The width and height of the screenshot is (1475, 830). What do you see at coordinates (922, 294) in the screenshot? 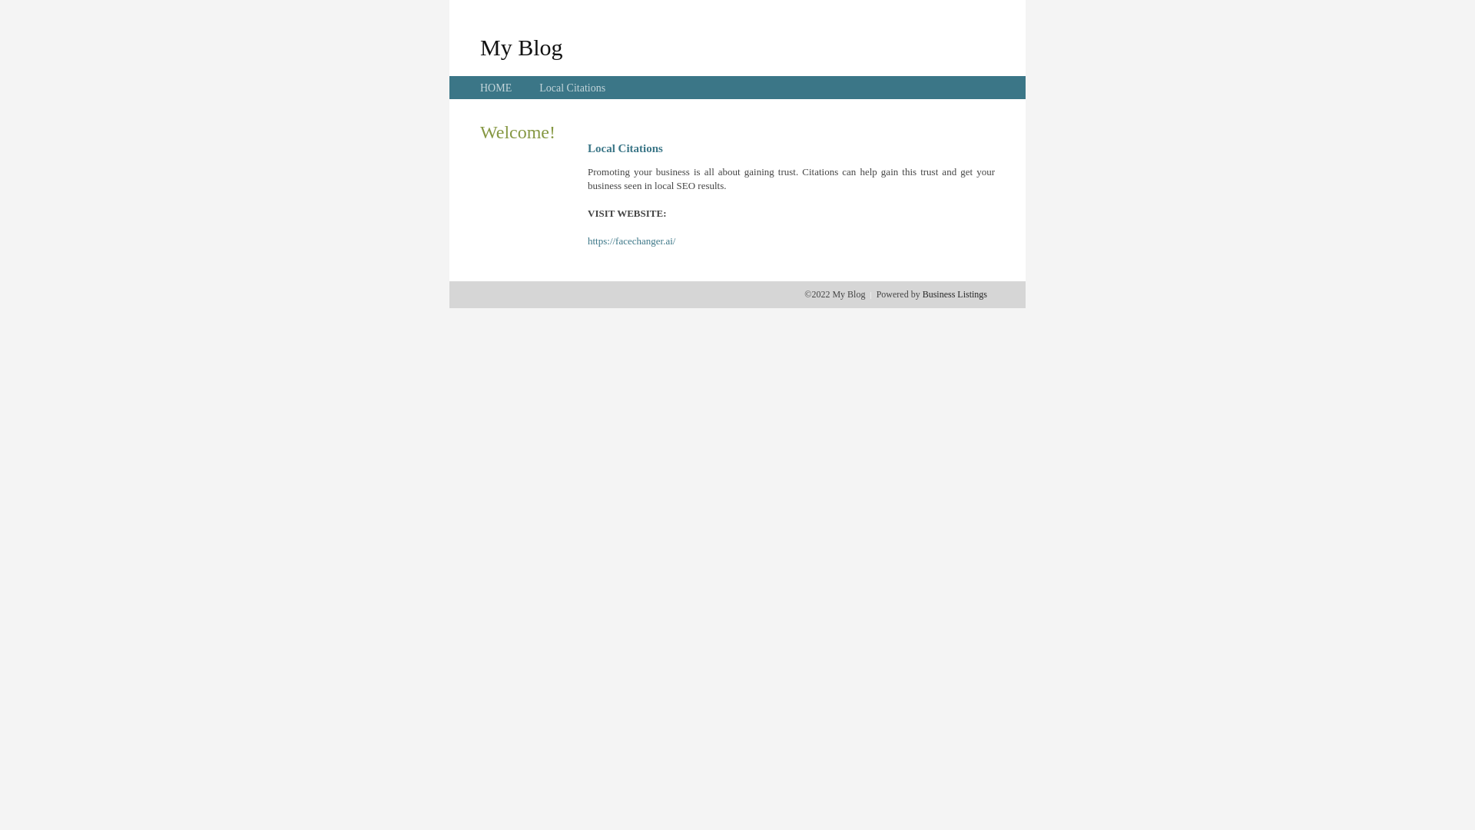
I see `'Business Listings'` at bounding box center [922, 294].